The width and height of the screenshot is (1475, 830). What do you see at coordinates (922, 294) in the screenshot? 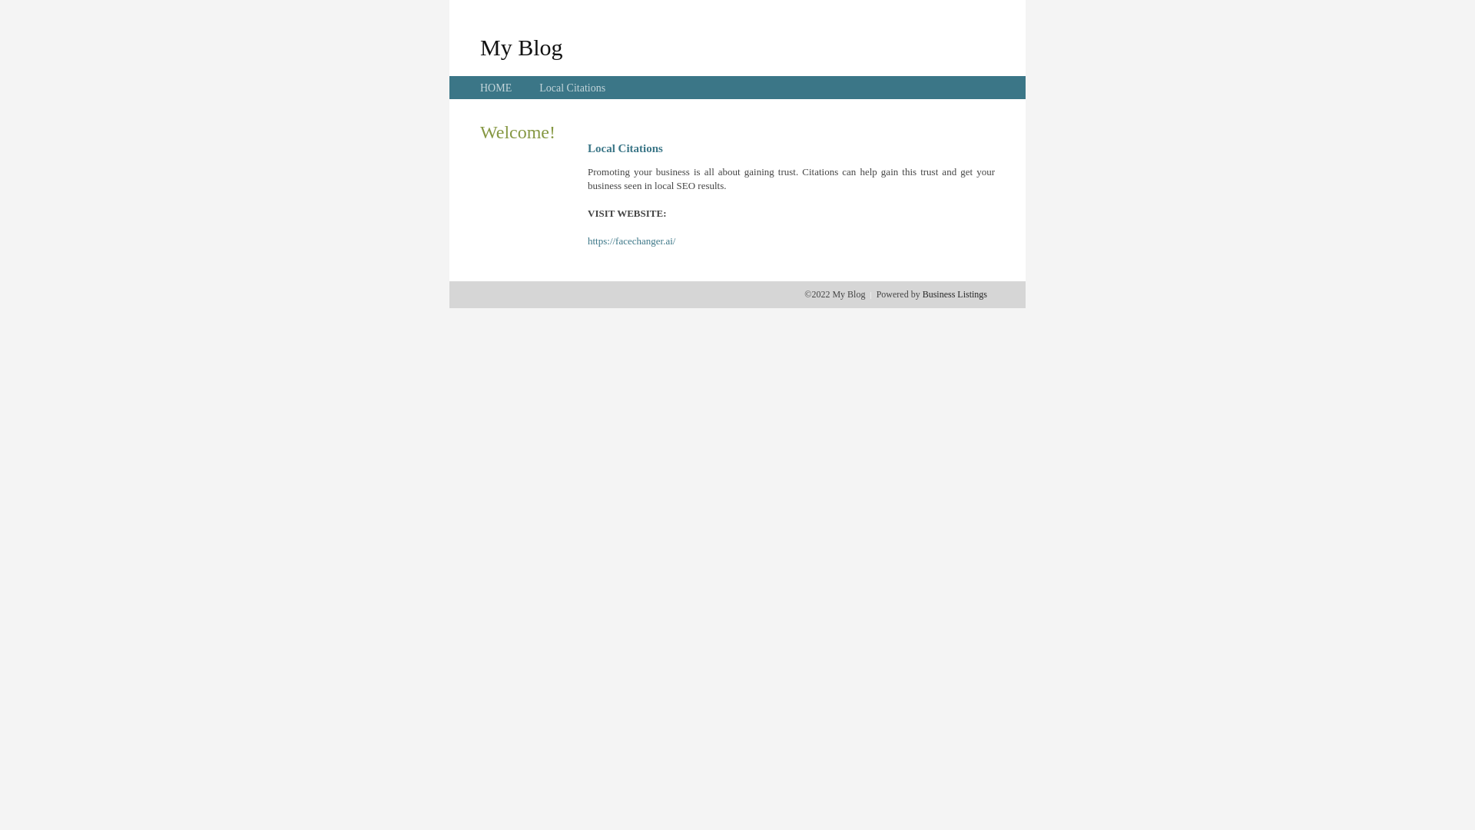
I see `'Business Listings'` at bounding box center [922, 294].